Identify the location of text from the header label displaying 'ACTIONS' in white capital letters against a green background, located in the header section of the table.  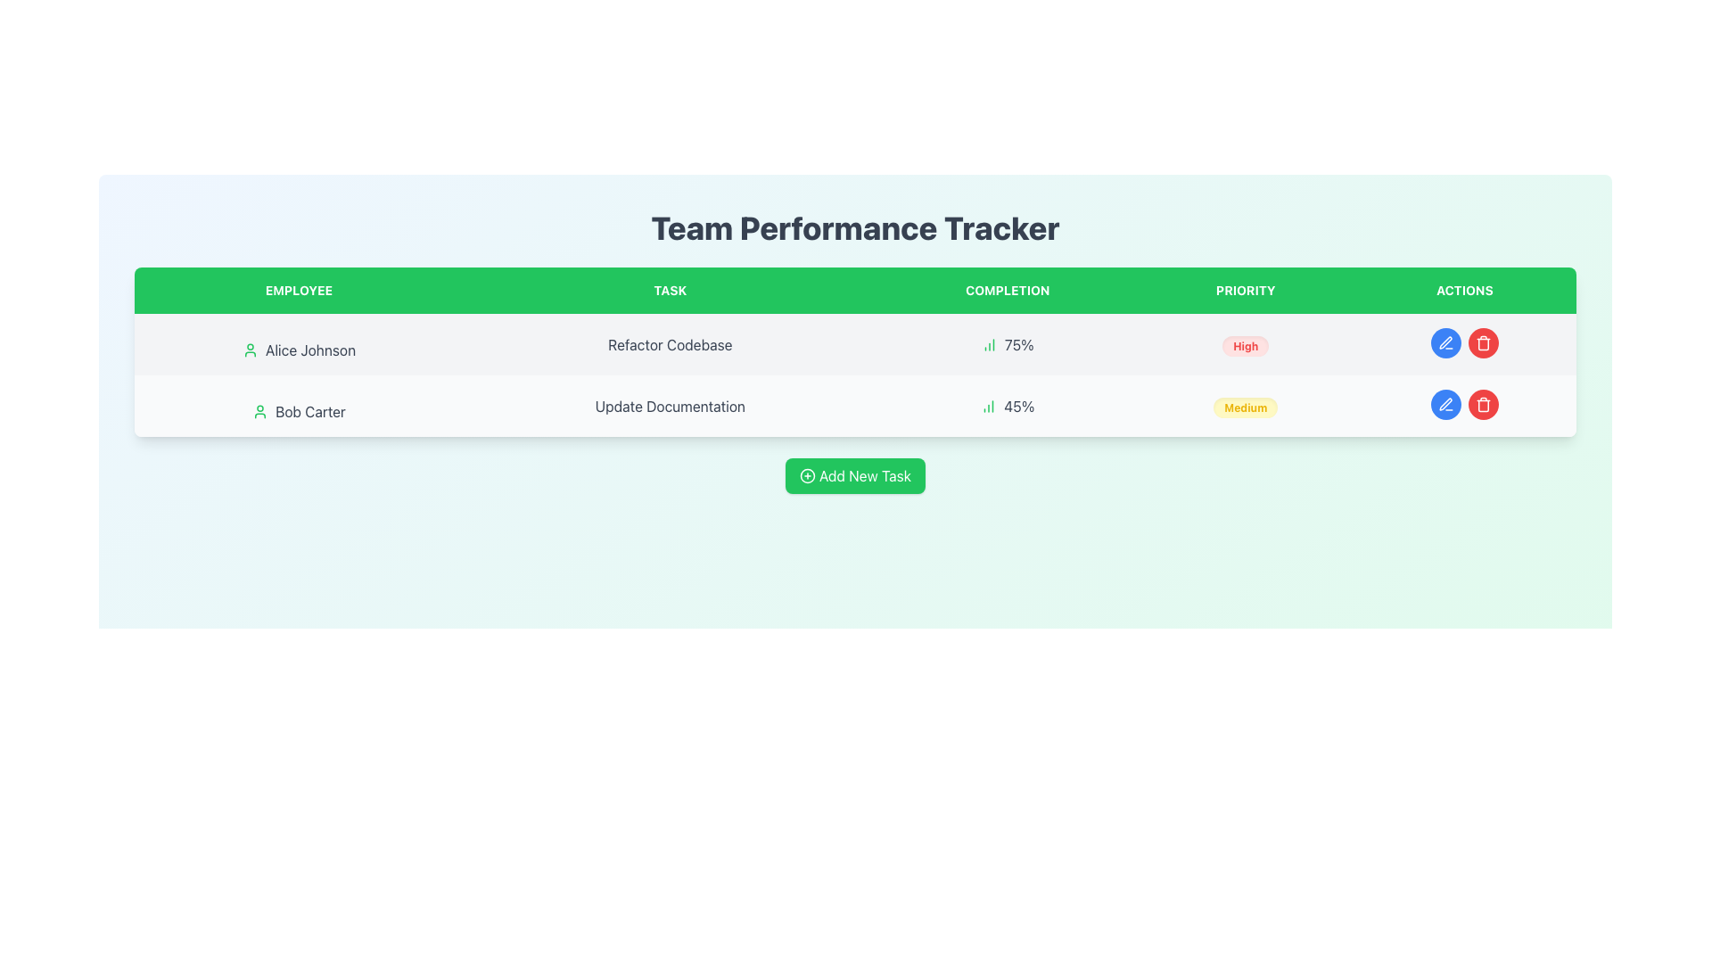
(1464, 290).